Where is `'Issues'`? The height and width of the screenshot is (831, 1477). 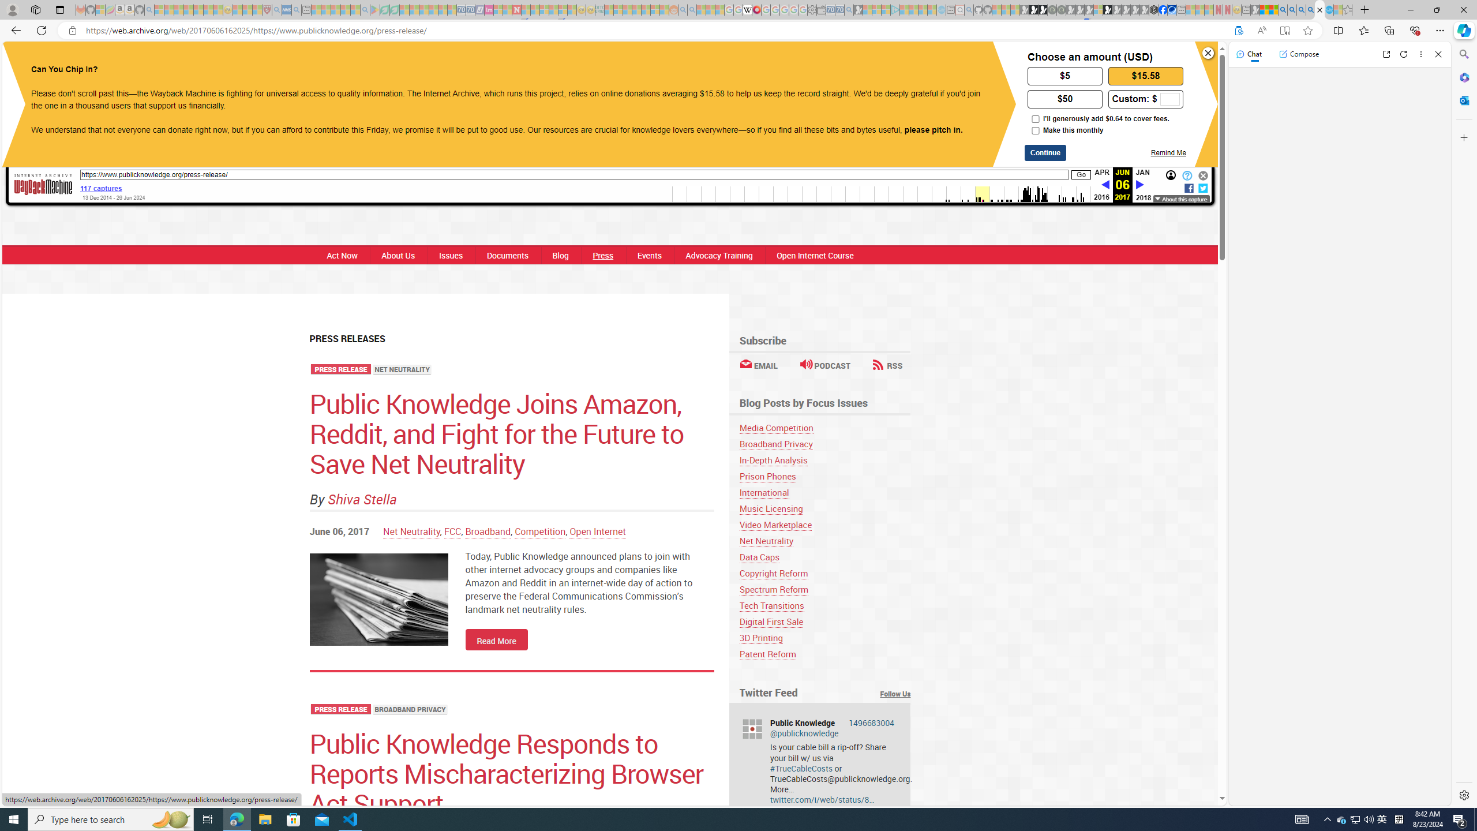 'Issues' is located at coordinates (449, 254).